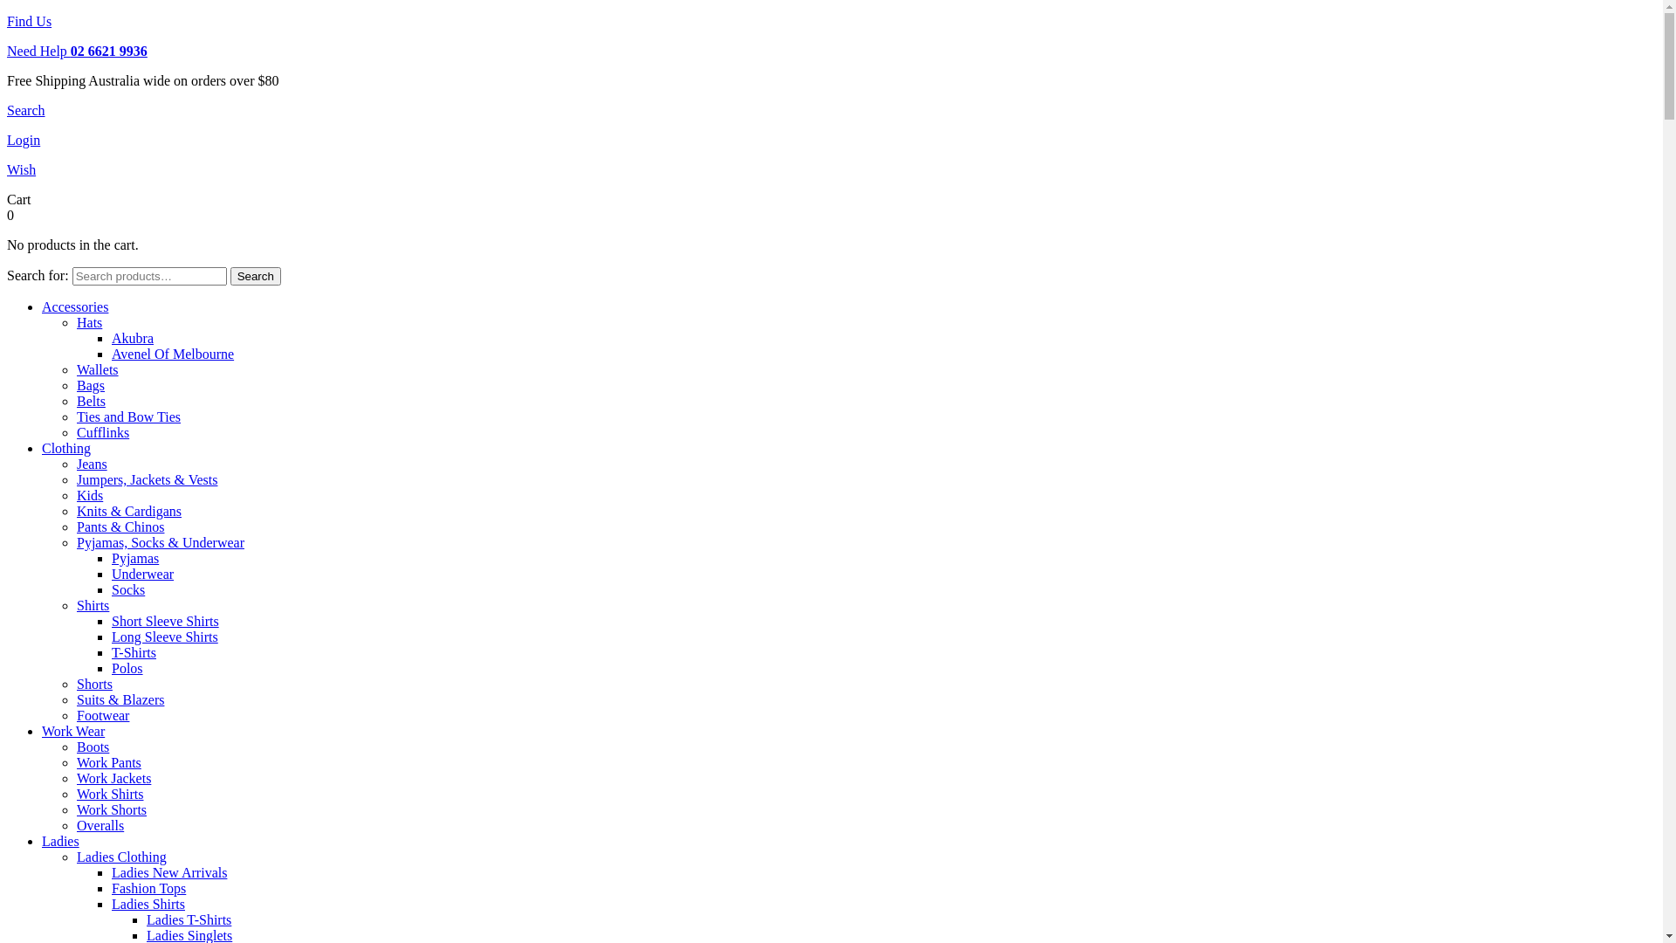 Image resolution: width=1676 pixels, height=943 pixels. I want to click on 'Clothing', so click(66, 447).